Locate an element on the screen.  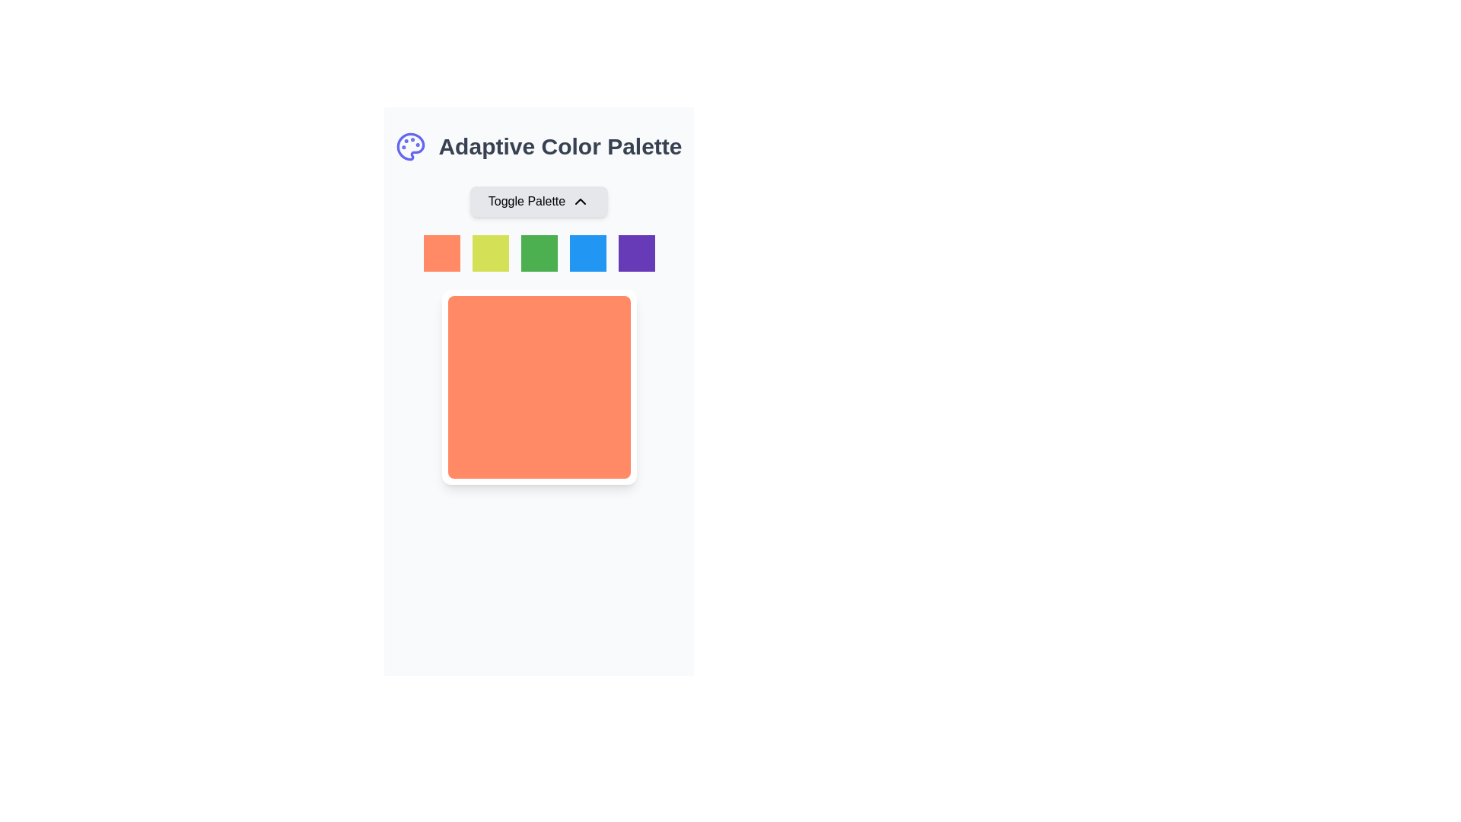
the Display Area located under the color swatches in the Adaptive Color Palette is located at coordinates (539, 334).